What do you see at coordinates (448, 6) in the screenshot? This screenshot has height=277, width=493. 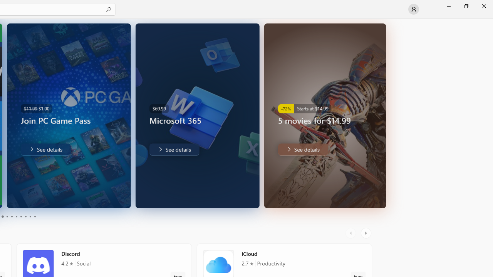 I see `'Minimize Microsoft Store'` at bounding box center [448, 6].